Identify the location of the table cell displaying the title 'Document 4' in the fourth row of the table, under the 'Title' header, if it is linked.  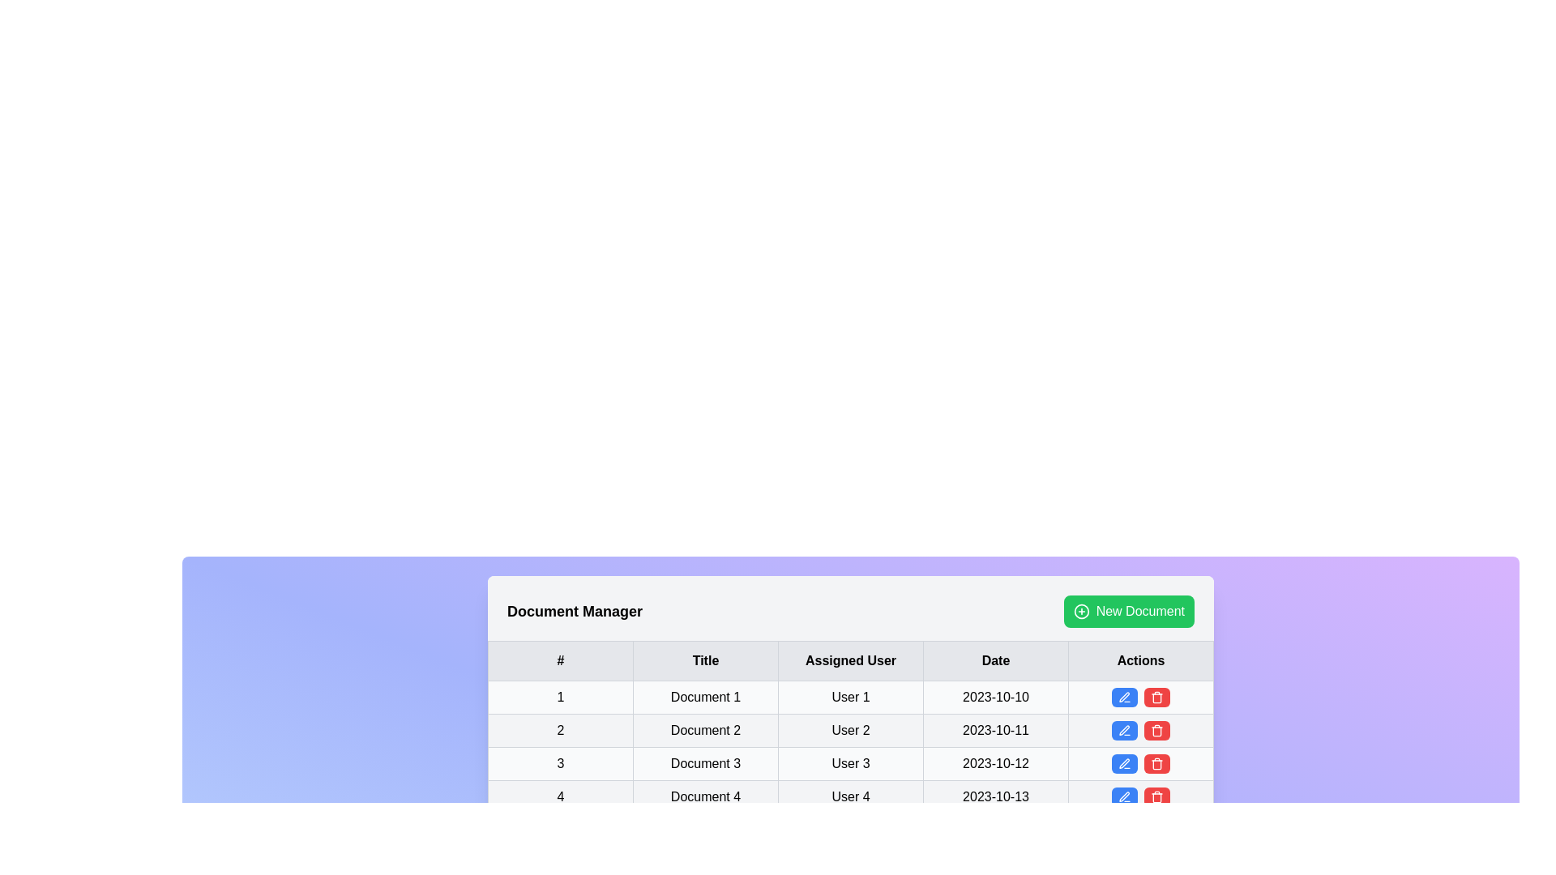
(705, 796).